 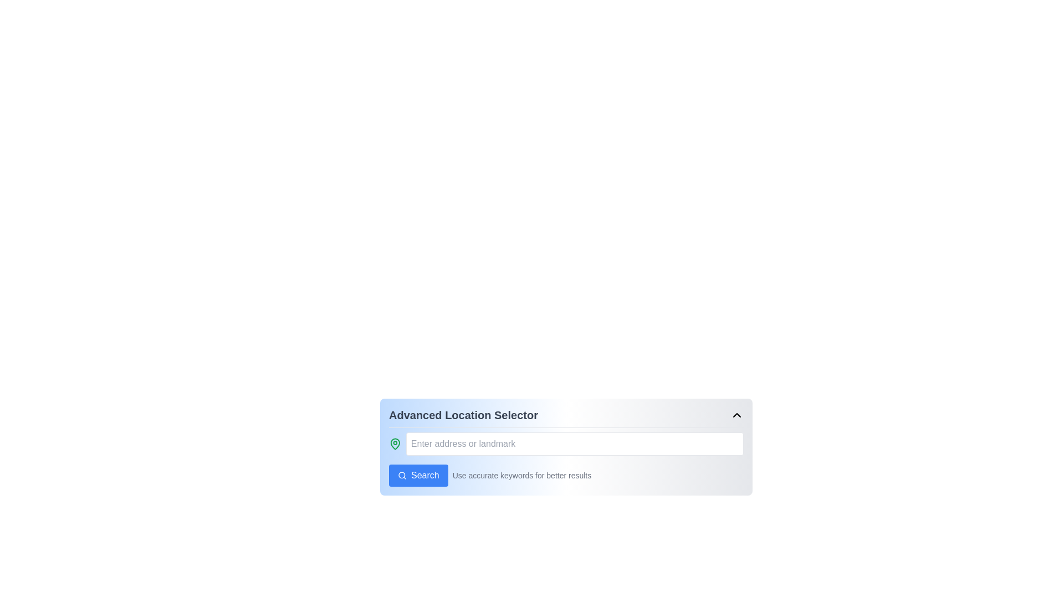 I want to click on the text label that states 'Use accurate keywords for better results', which is styled in gray and positioned to the right of the blue Search button, so click(x=521, y=475).